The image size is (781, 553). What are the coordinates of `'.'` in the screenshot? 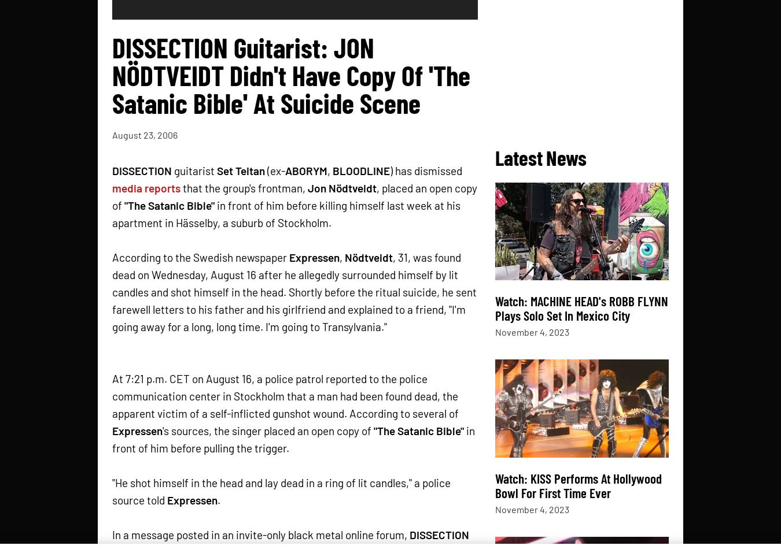 It's located at (219, 499).